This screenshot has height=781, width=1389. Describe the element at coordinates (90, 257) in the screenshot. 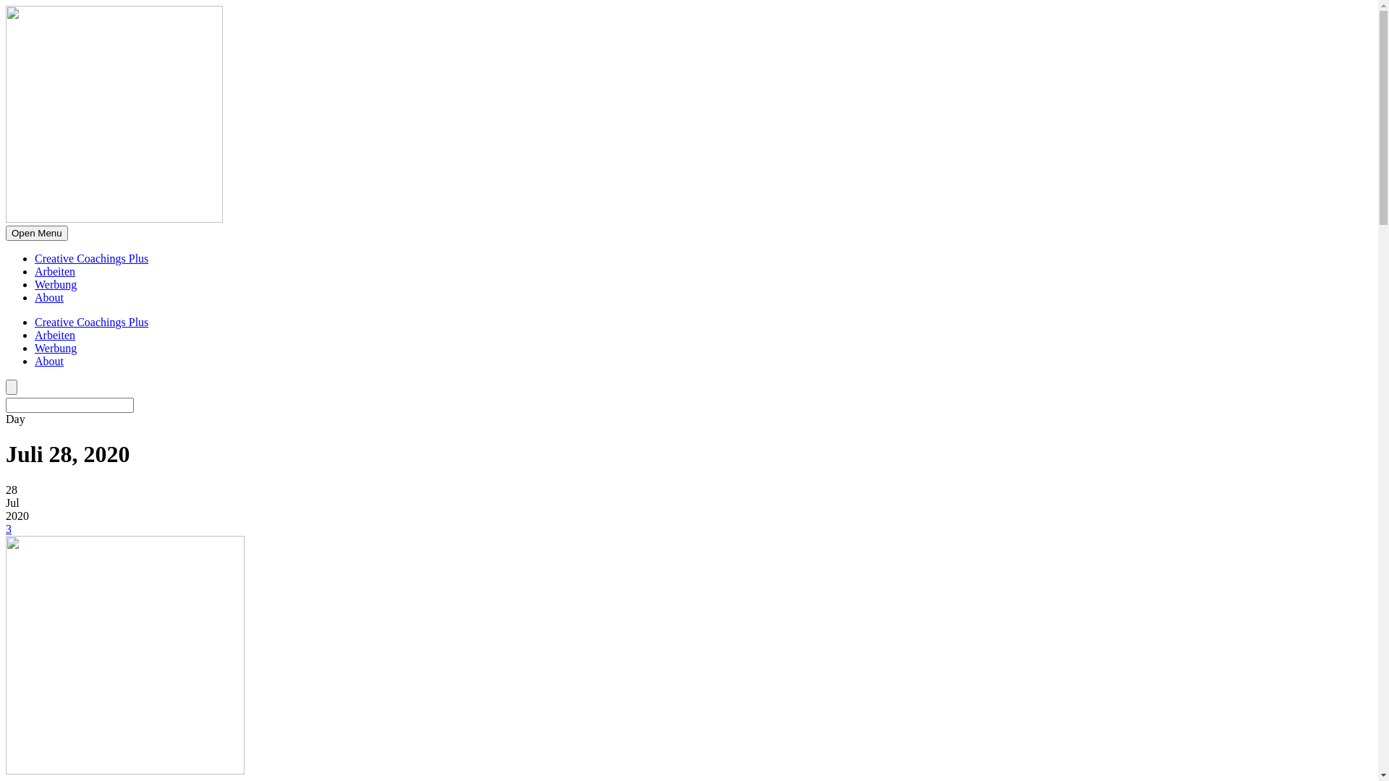

I see `'Creative Coachings Plus'` at that location.